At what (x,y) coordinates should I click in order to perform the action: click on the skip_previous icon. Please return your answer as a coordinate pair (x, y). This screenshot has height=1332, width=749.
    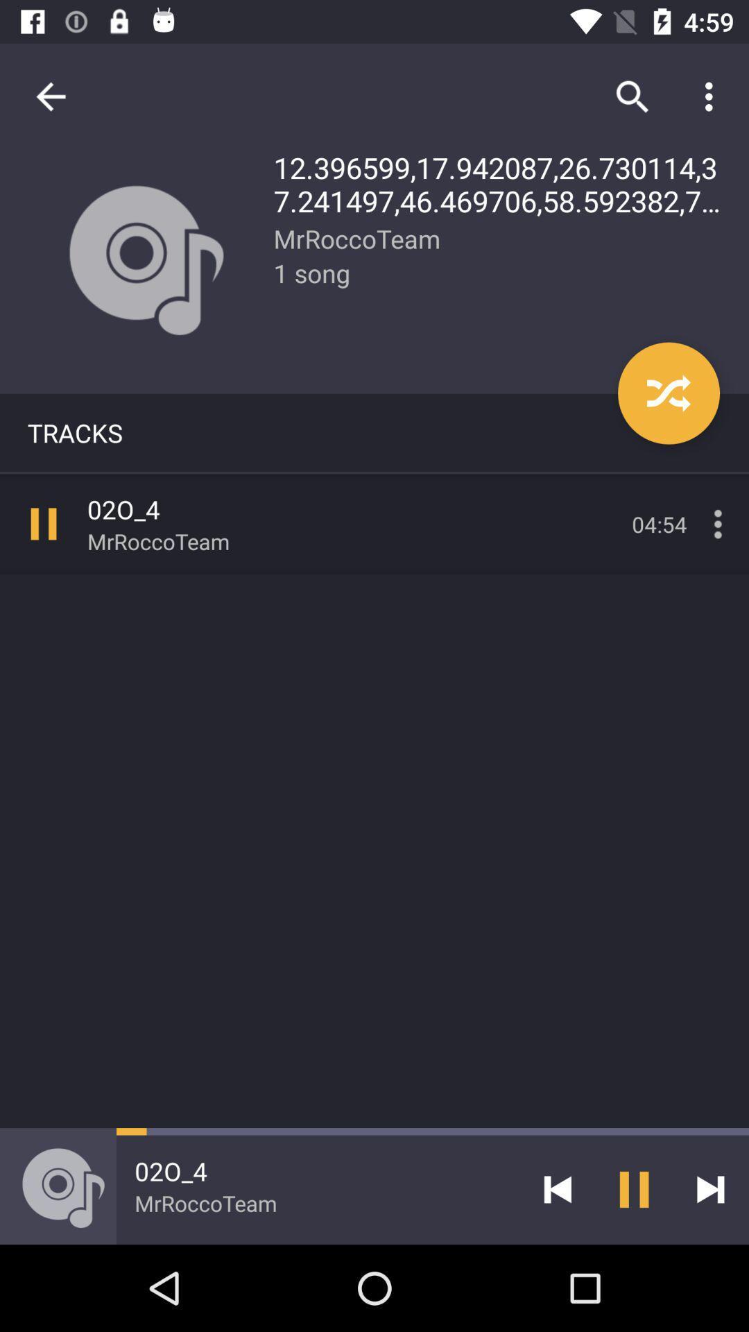
    Looking at the image, I should click on (557, 1188).